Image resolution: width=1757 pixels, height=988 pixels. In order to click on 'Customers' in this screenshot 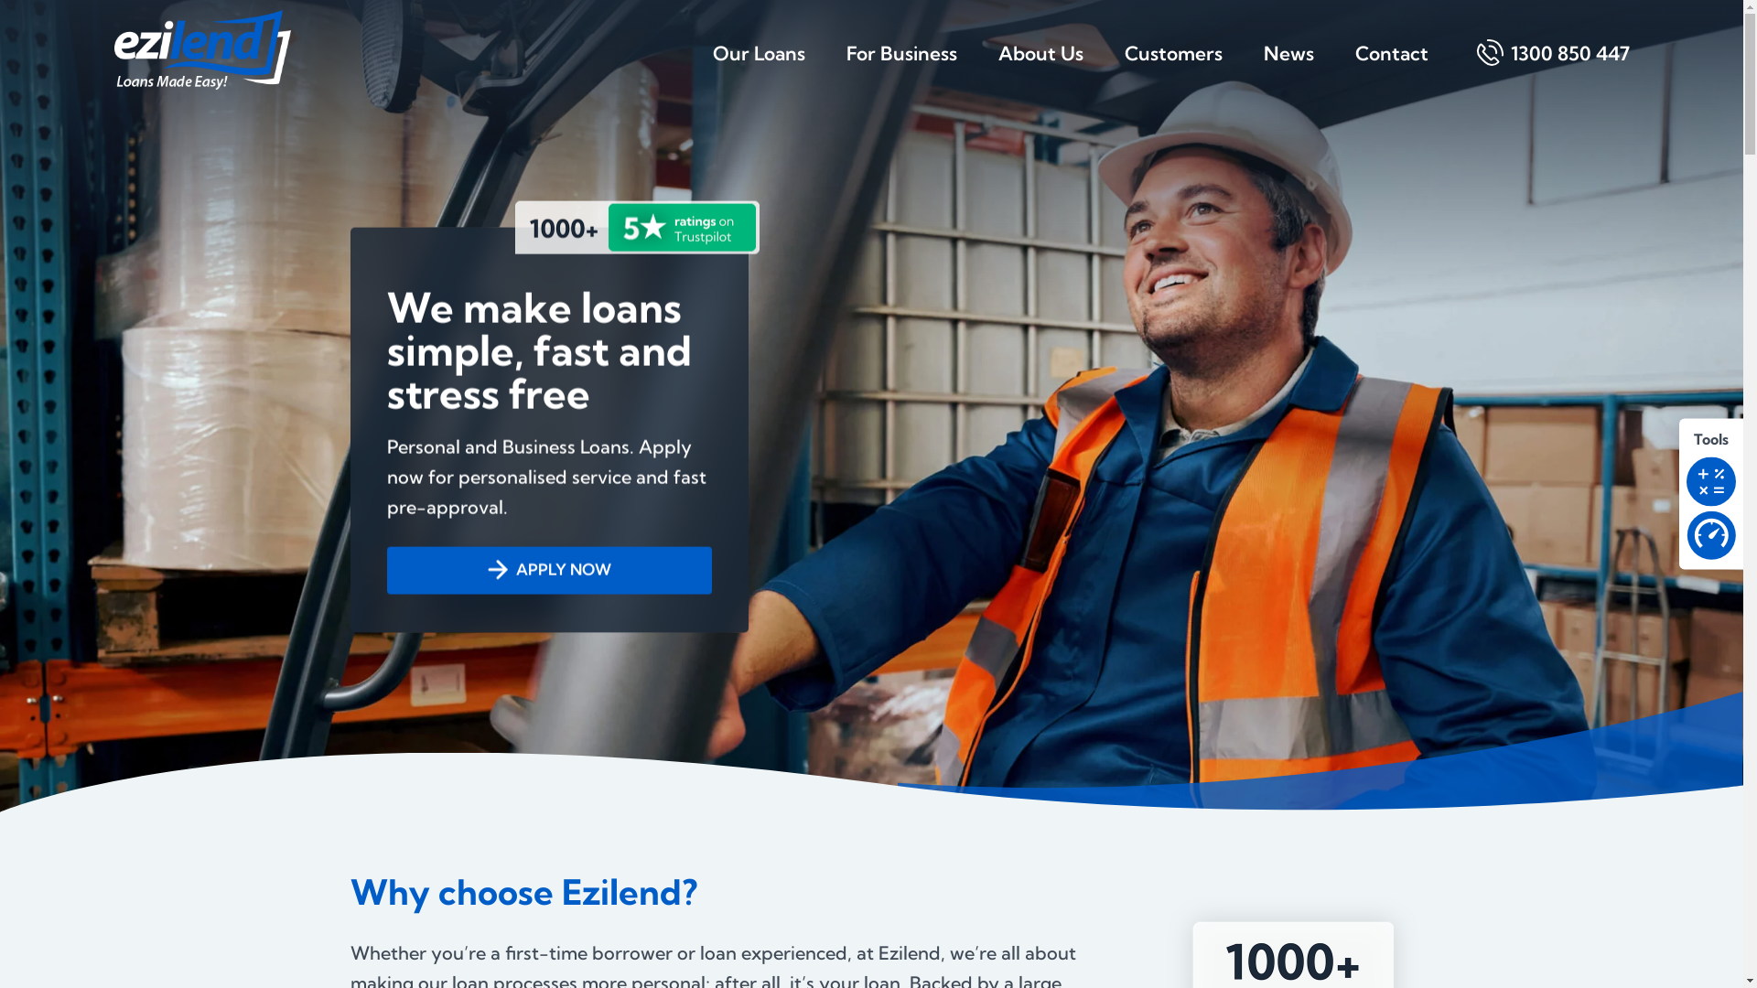, I will do `click(1172, 66)`.